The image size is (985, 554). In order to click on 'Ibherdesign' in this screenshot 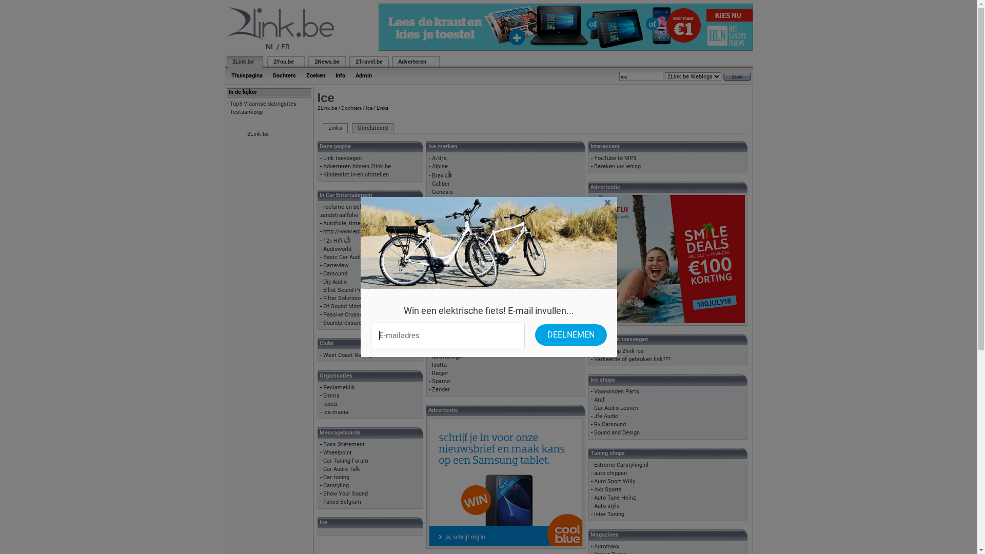, I will do `click(446, 356)`.